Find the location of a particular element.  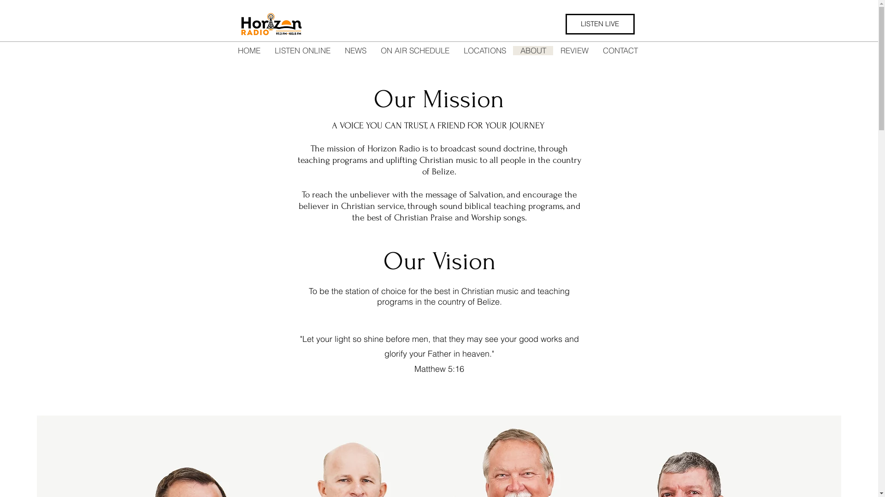

'ABOUT' is located at coordinates (533, 51).